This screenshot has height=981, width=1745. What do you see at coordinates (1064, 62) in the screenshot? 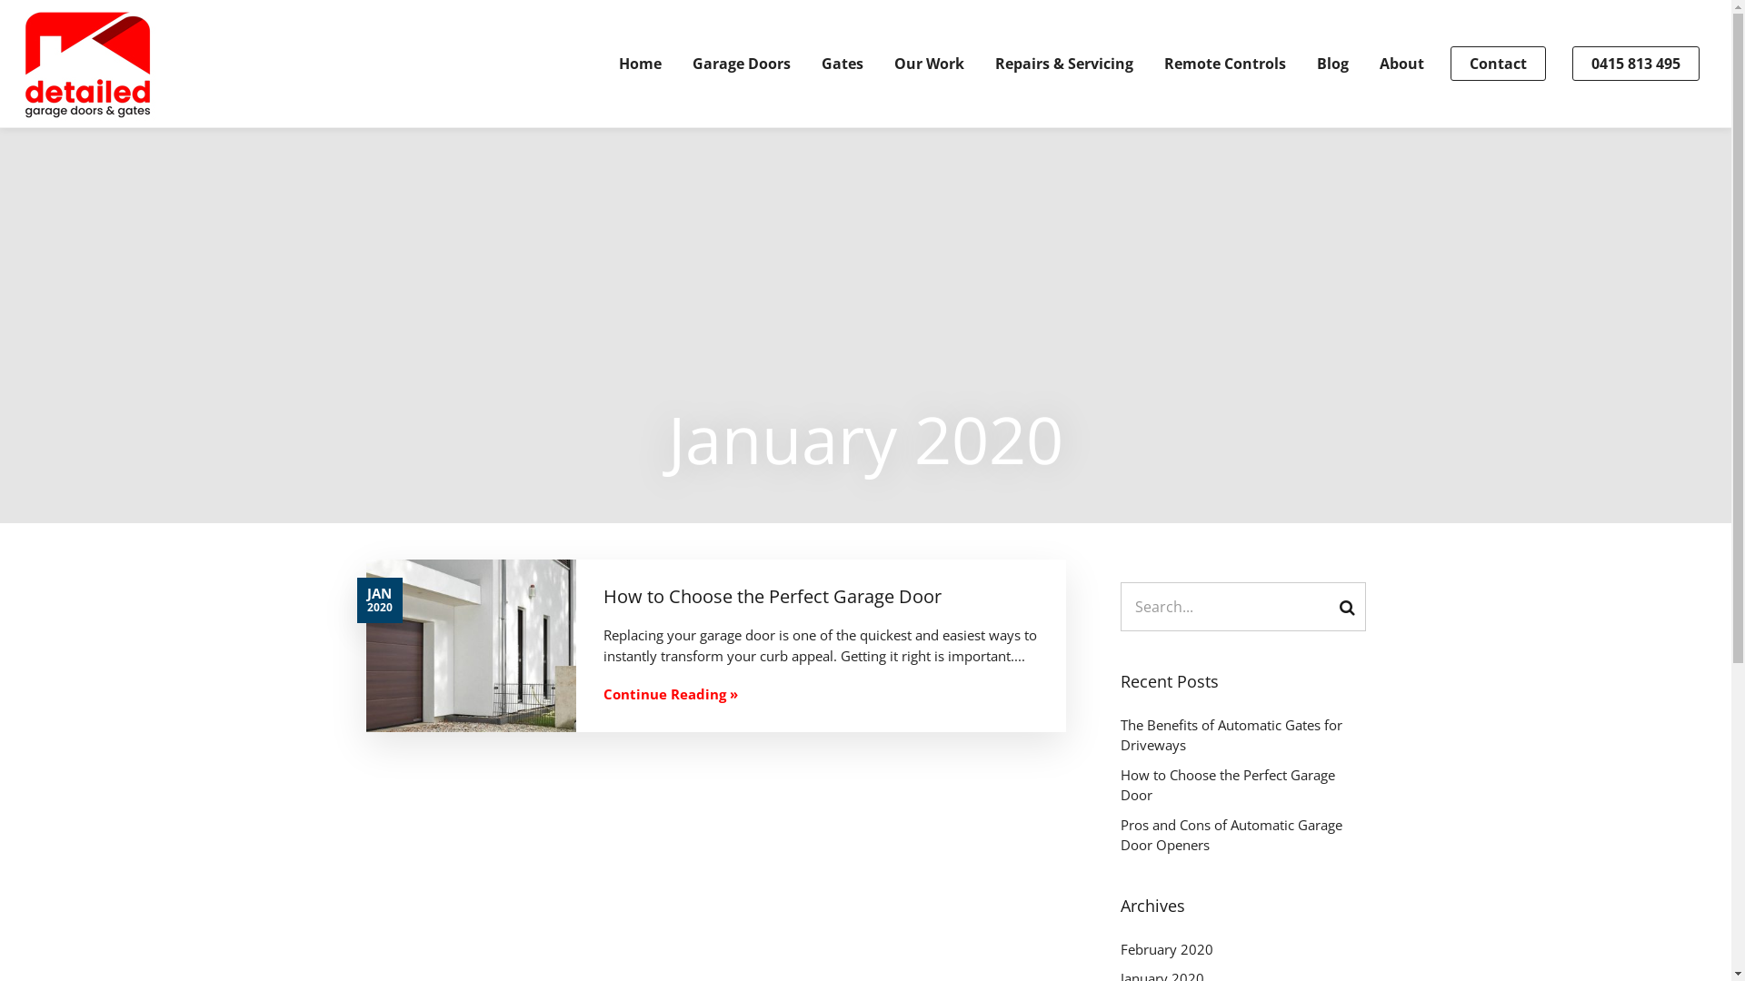
I see `'Repairs & Servicing'` at bounding box center [1064, 62].